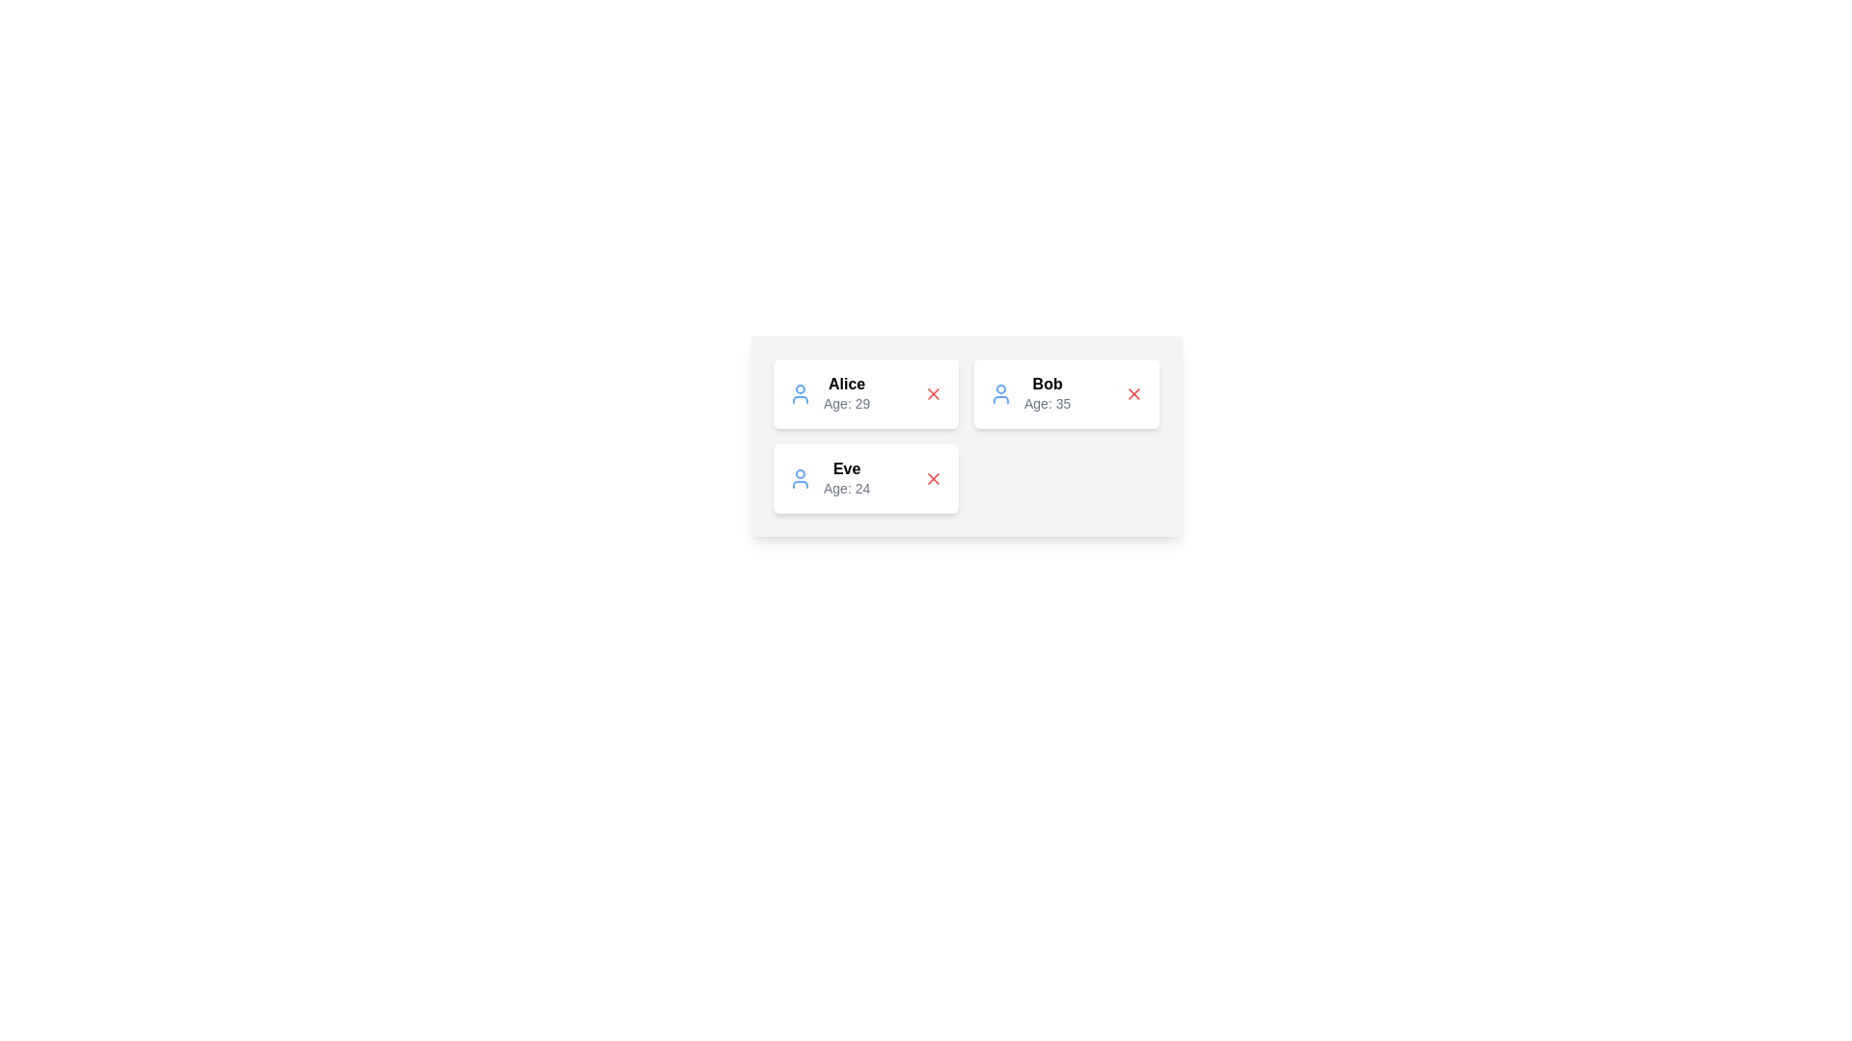 The height and width of the screenshot is (1041, 1852). I want to click on the close button for the user card of Eve, so click(934, 478).